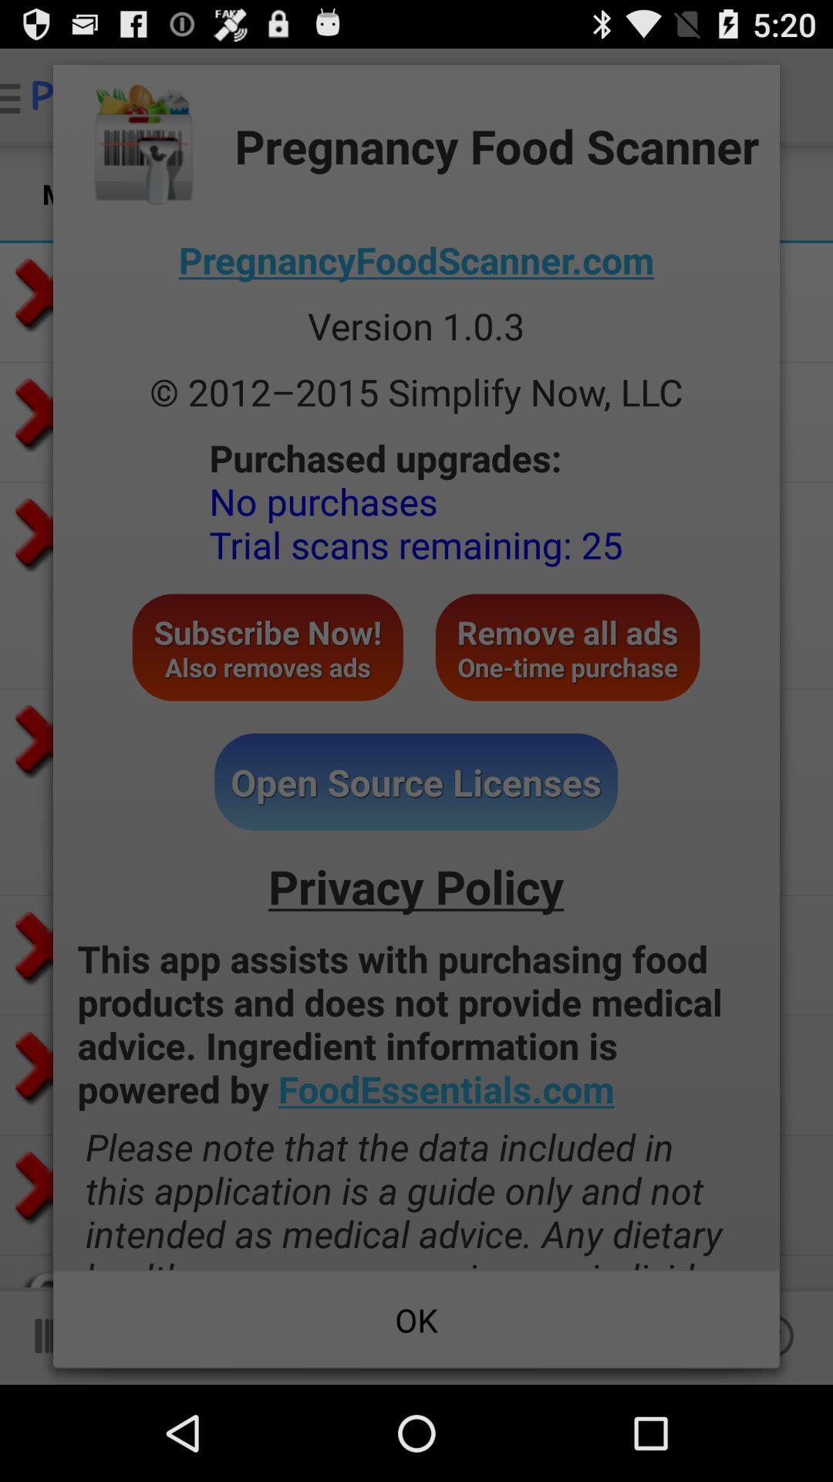 The image size is (833, 1482). I want to click on icon above the open source licenses item, so click(568, 647).